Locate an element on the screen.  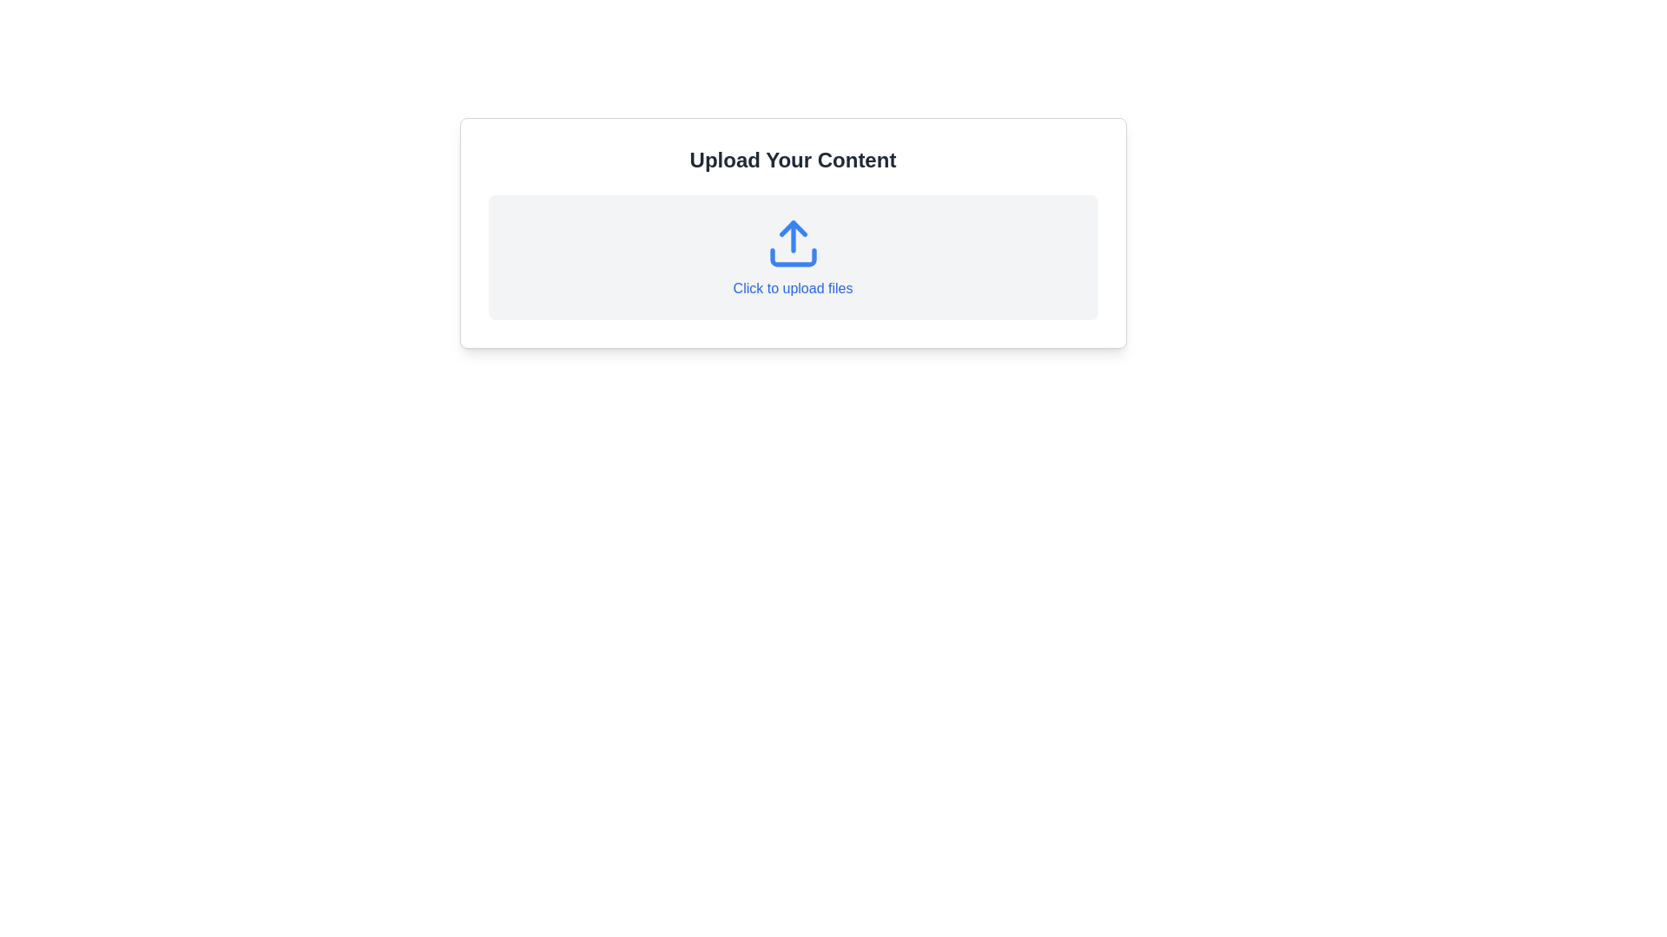
the lower subcomponent of the upload icon, which is a rectangular shape with rounded edges located in the center of the main content area is located at coordinates (792, 258).